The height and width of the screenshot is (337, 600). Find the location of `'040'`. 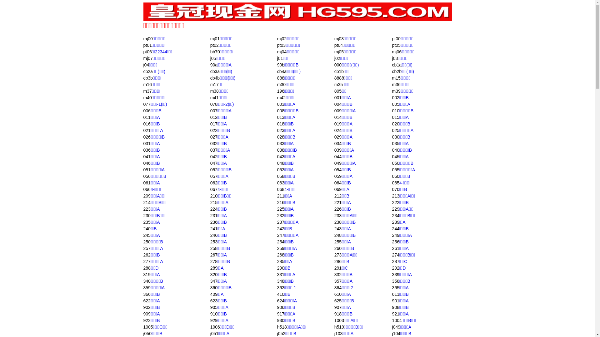

'040' is located at coordinates (392, 150).